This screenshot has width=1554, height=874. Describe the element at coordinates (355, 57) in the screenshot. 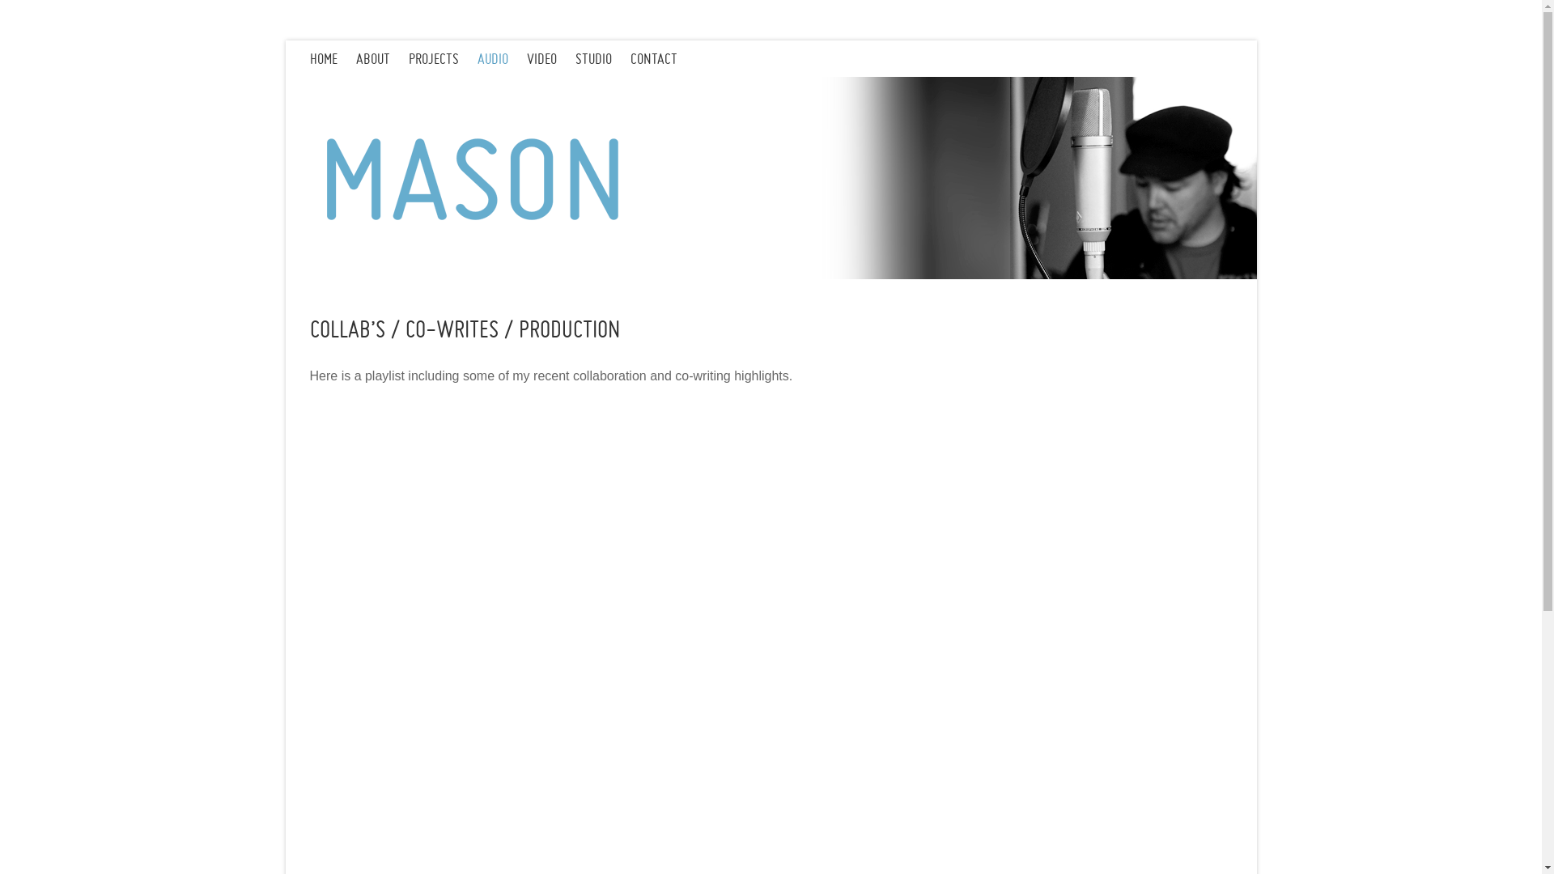

I see `'ABOUT'` at that location.